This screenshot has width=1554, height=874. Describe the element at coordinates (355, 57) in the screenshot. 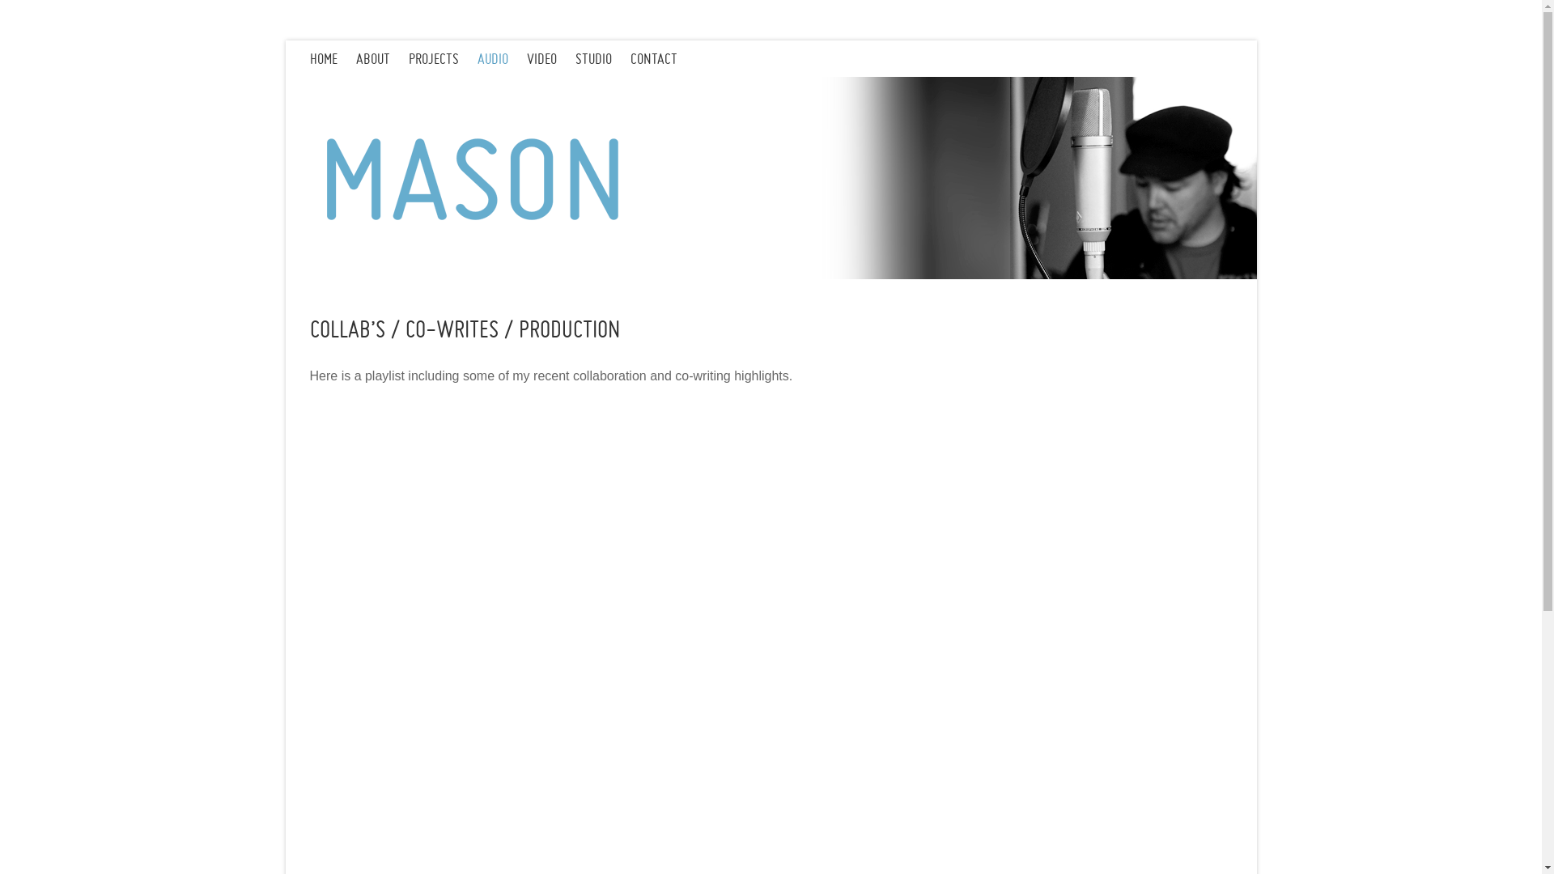

I see `'ABOUT'` at that location.